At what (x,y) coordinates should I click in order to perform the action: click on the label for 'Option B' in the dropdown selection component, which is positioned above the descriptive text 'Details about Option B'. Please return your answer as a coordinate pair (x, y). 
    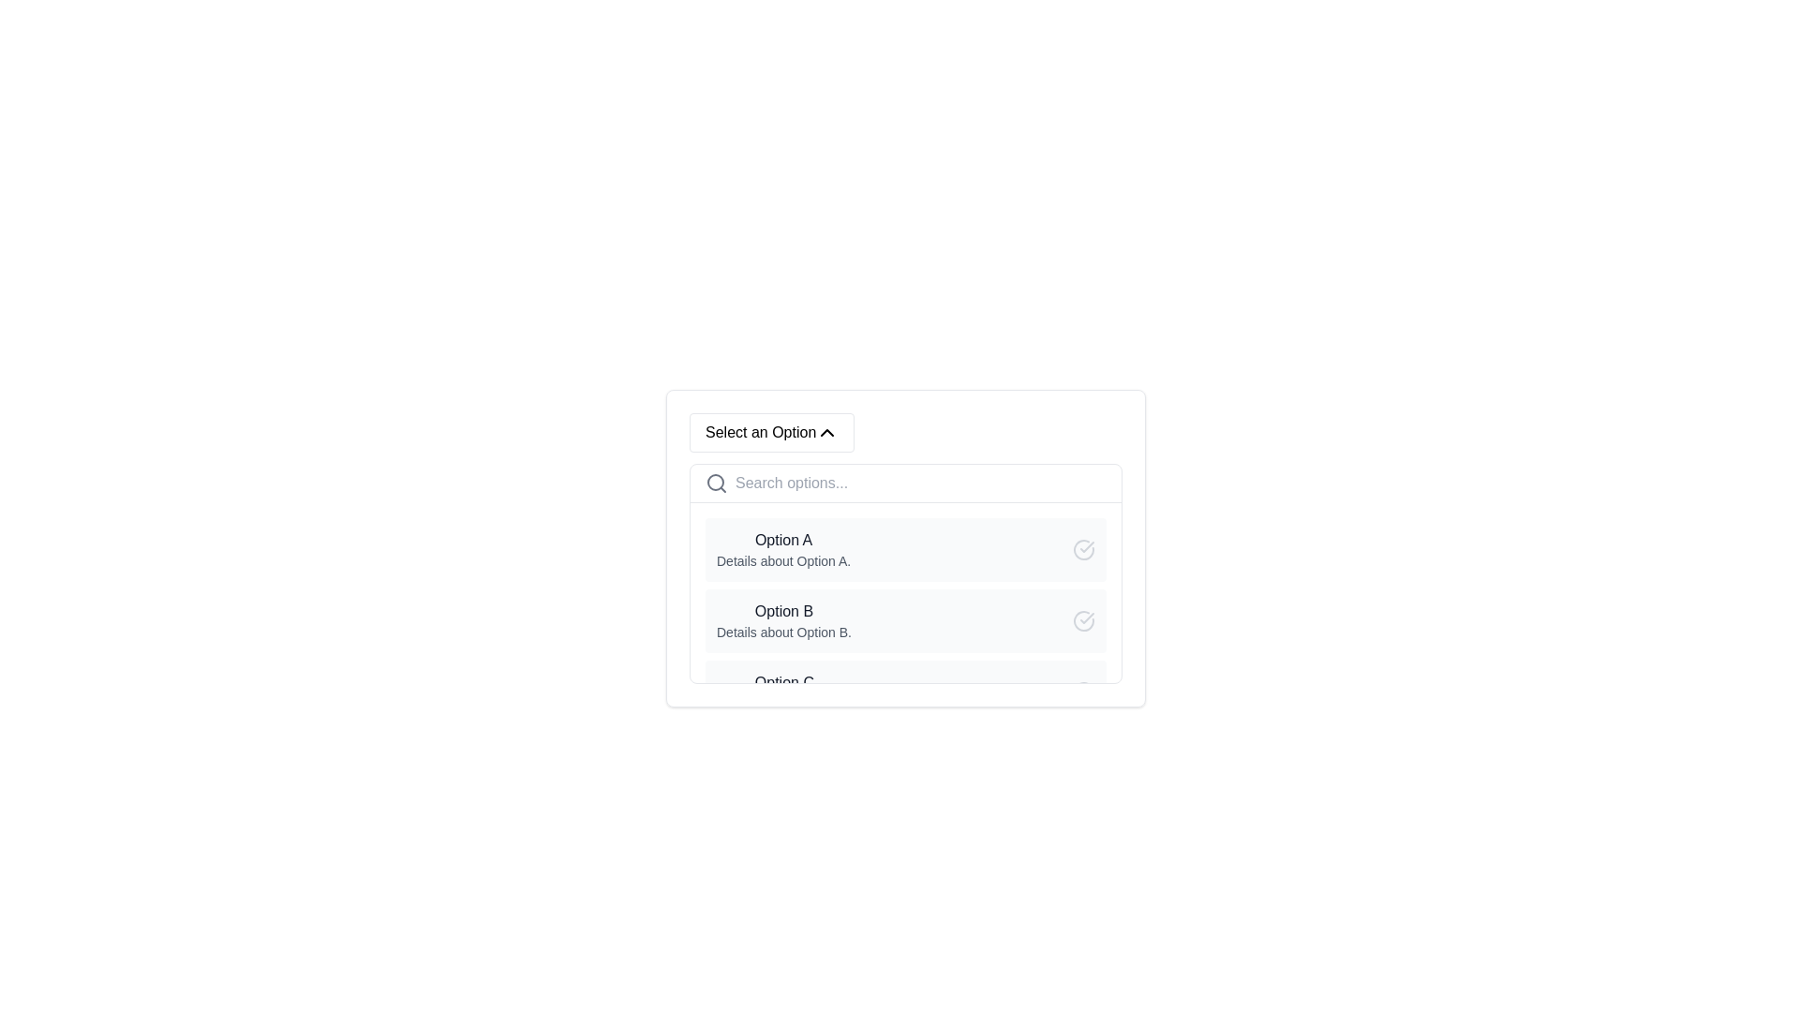
    Looking at the image, I should click on (783, 611).